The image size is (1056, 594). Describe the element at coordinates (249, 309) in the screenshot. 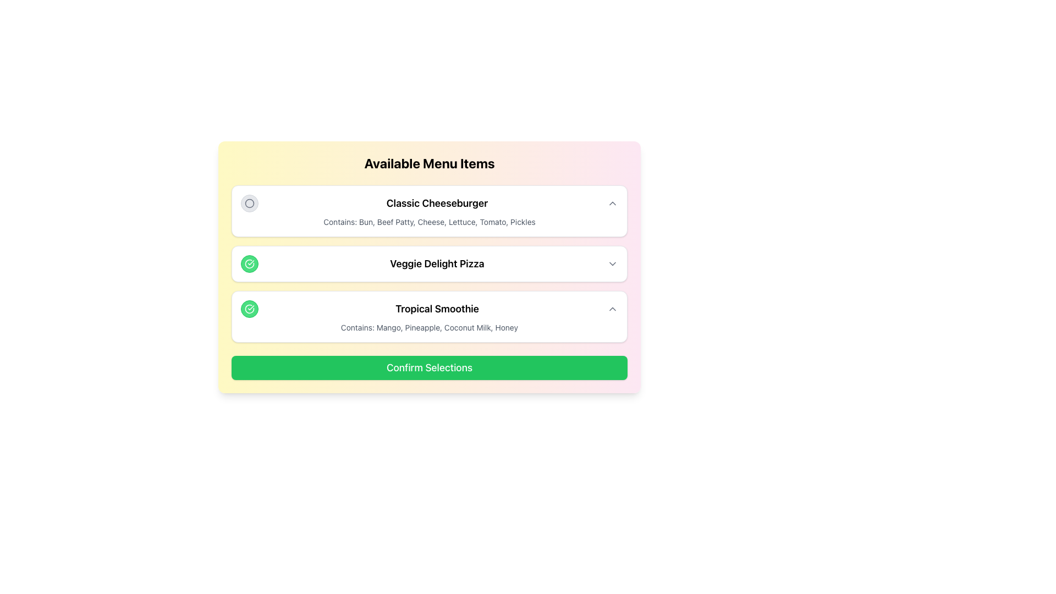

I see `the selection status icon for the 'Veggie Delight Pizza' menu item, which is the primary icon associated with the second list item in the vertical menu` at that location.